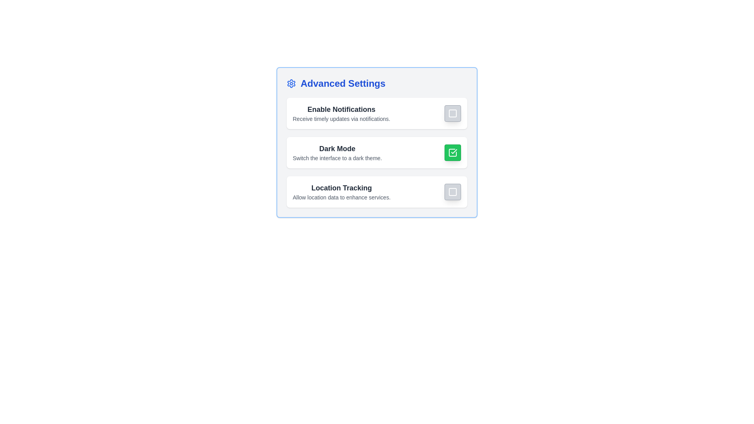 The height and width of the screenshot is (424, 754). I want to click on the icon located at the top-left corner of the 'Advanced Settings' section, so click(291, 83).